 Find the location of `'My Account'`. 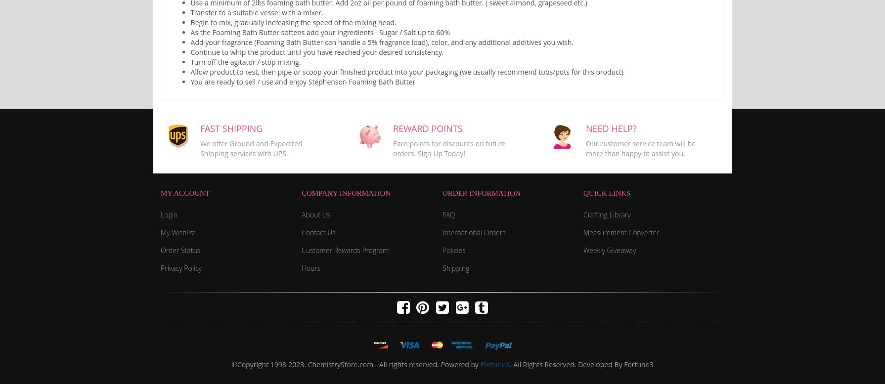

'My Account' is located at coordinates (185, 192).